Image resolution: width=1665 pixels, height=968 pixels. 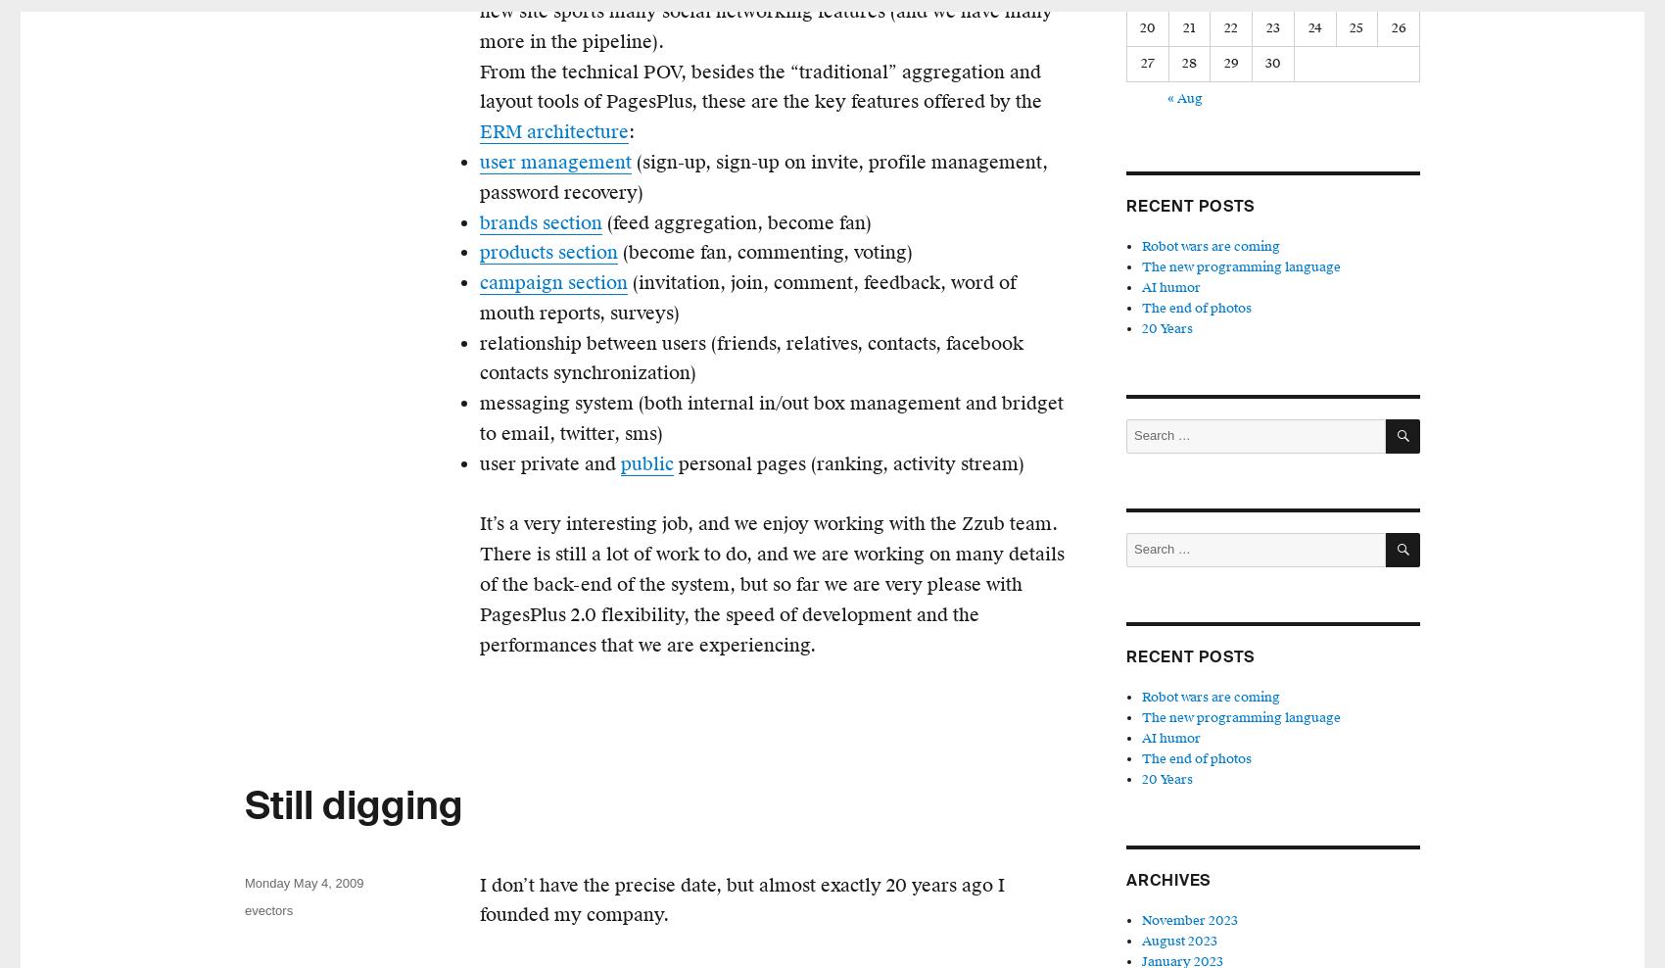 What do you see at coordinates (479, 462) in the screenshot?
I see `'user private and'` at bounding box center [479, 462].